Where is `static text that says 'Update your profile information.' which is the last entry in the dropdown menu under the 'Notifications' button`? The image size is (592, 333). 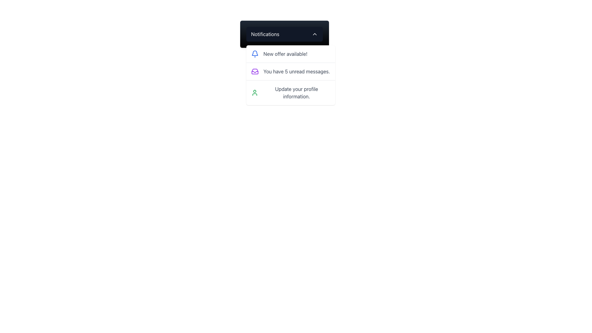
static text that says 'Update your profile information.' which is the last entry in the dropdown menu under the 'Notifications' button is located at coordinates (296, 92).